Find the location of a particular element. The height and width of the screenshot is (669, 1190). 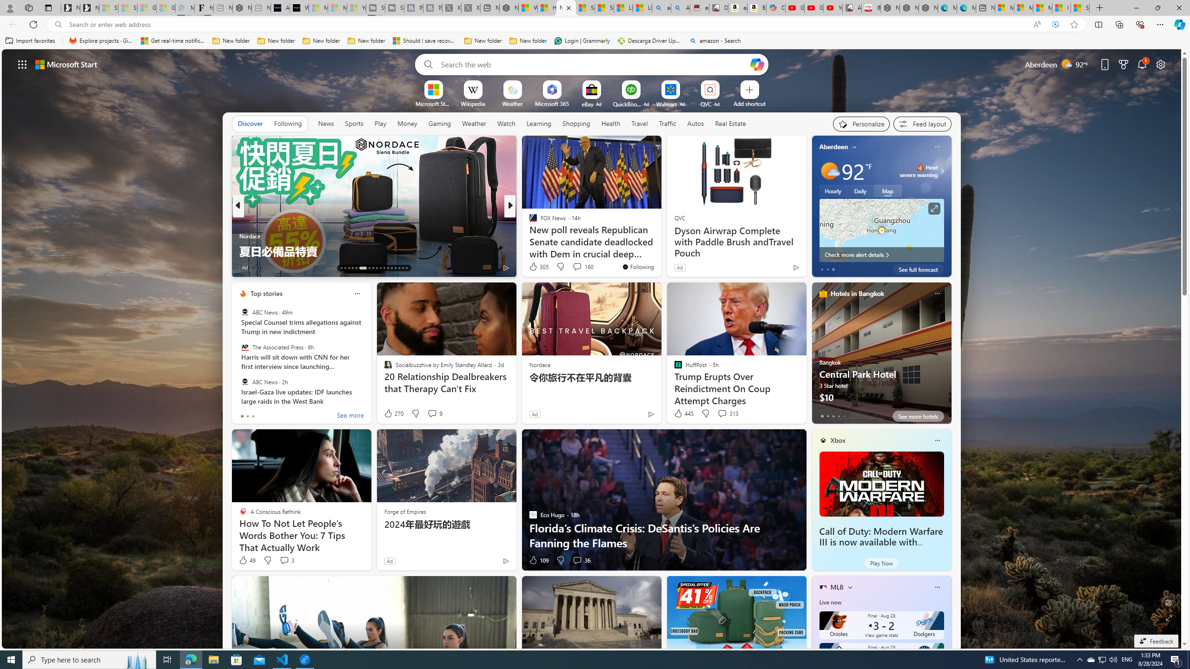

'Xbox' is located at coordinates (838, 440).